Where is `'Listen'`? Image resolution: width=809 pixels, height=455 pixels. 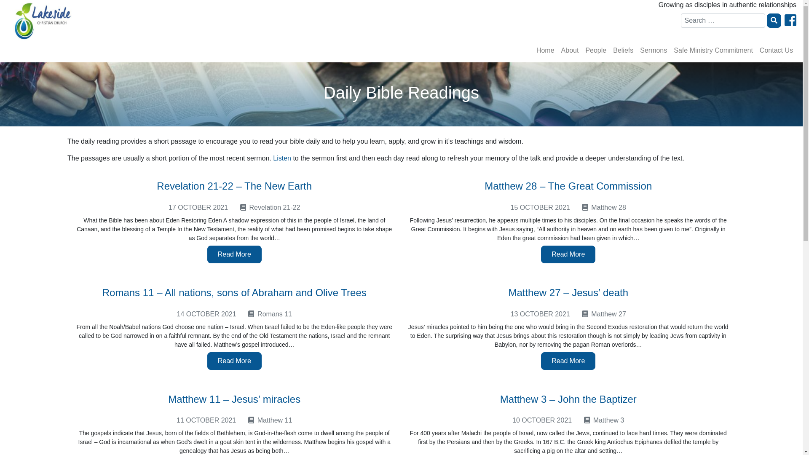 'Listen' is located at coordinates (282, 158).